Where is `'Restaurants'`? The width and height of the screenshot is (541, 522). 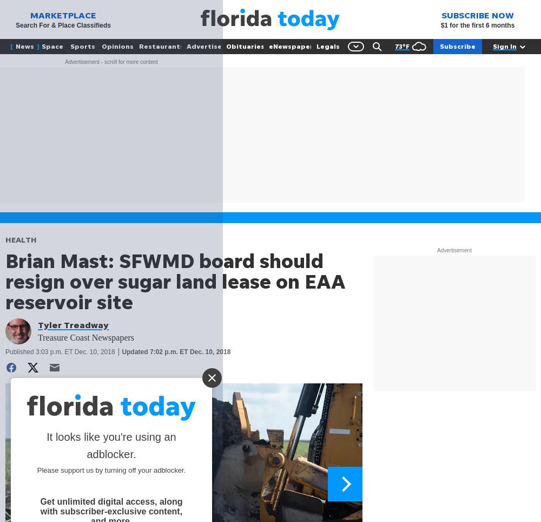 'Restaurants' is located at coordinates (161, 45).